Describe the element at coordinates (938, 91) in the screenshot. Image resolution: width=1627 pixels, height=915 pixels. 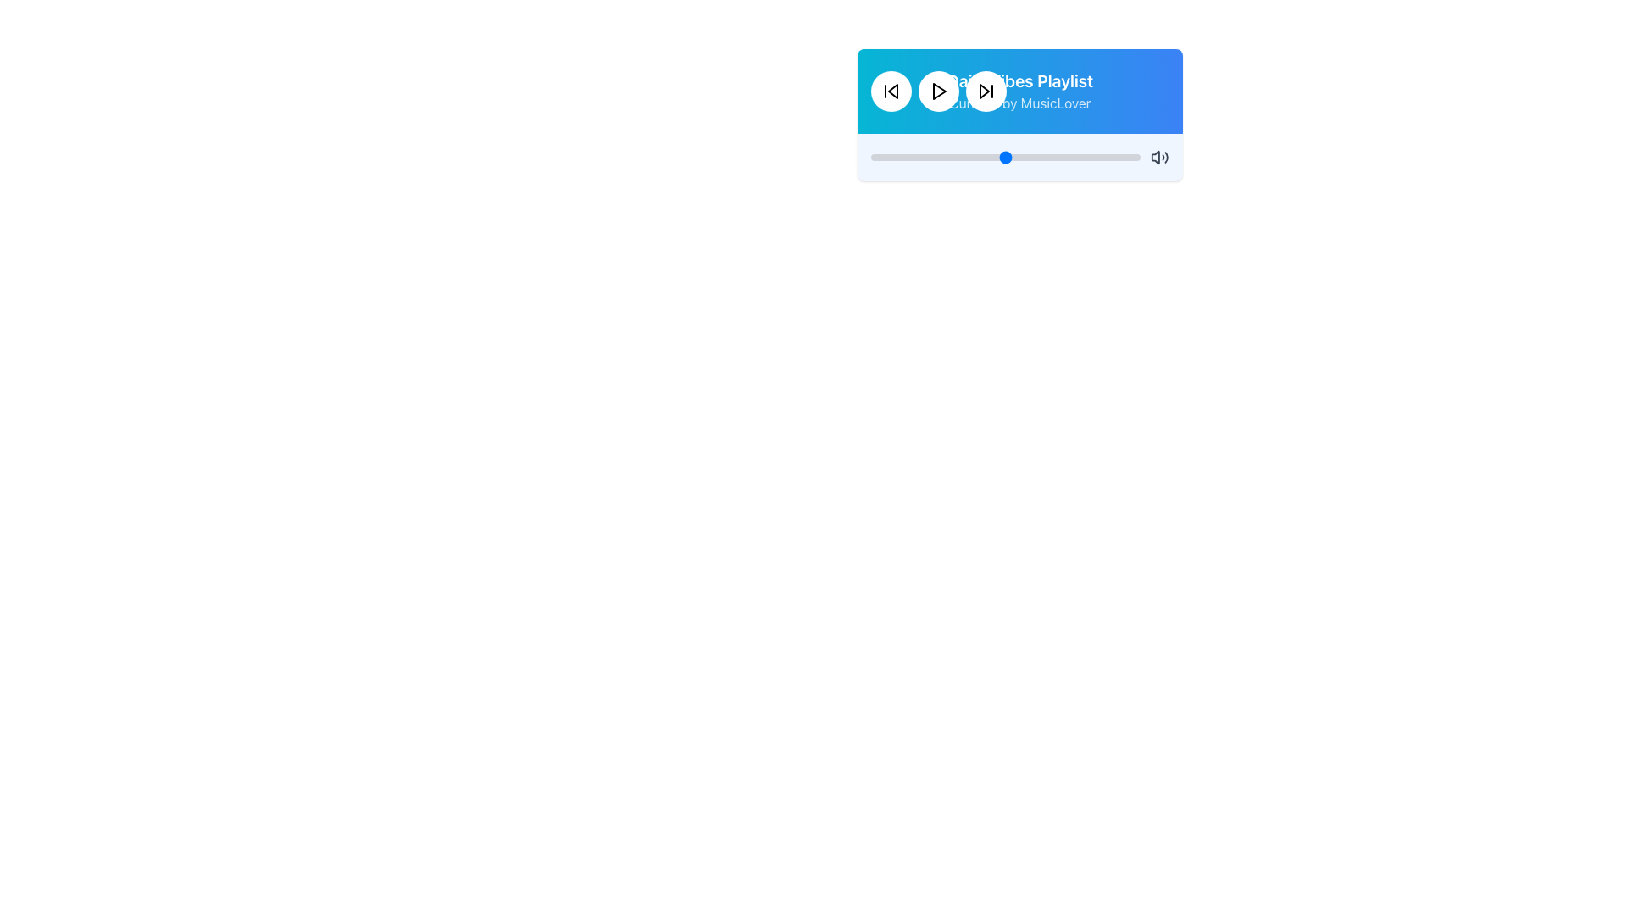
I see `the centrally positioned play button in the top-middle section of the player interface` at that location.